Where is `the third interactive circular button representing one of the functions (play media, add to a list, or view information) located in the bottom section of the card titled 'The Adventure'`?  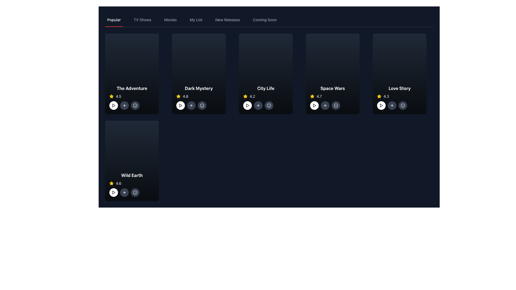
the third interactive circular button representing one of the functions (play media, add to a list, or view information) located in the bottom section of the card titled 'The Adventure' is located at coordinates (132, 106).